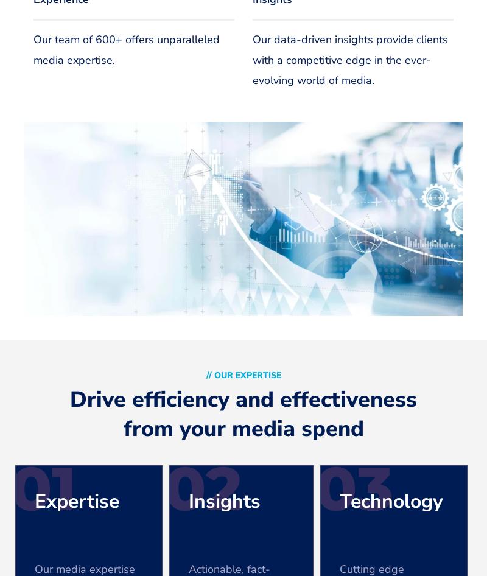 Image resolution: width=487 pixels, height=576 pixels. What do you see at coordinates (127, 48) in the screenshot?
I see `'Our team of 600+ offers unparalleled media expertise.'` at bounding box center [127, 48].